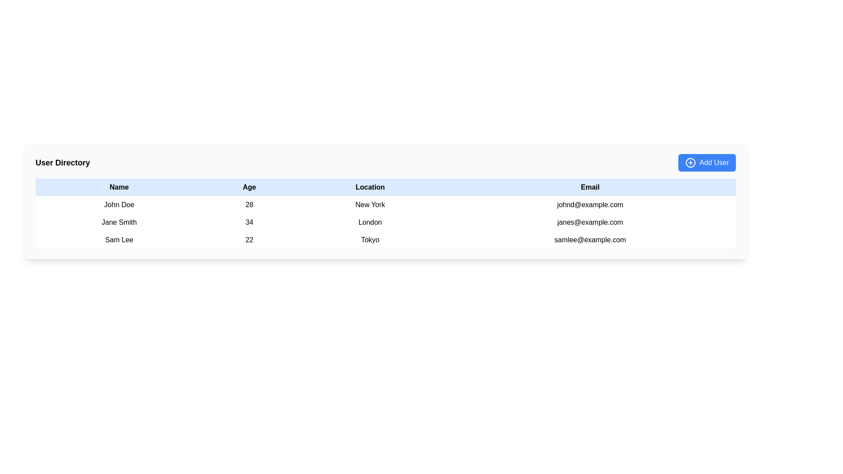 This screenshot has height=474, width=843. I want to click on the second row of the user directory table containing the information 'Jane Smith', '34', 'London', and 'janes@example.com', so click(385, 222).